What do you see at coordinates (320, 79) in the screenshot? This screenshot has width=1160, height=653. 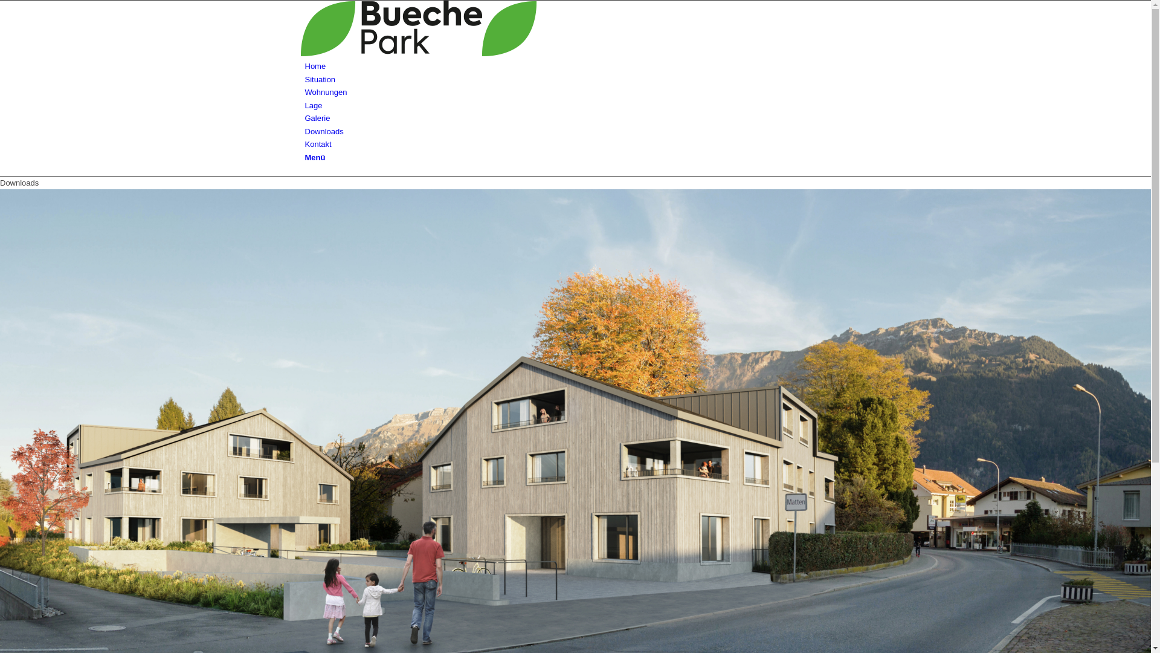 I see `'Situation'` at bounding box center [320, 79].